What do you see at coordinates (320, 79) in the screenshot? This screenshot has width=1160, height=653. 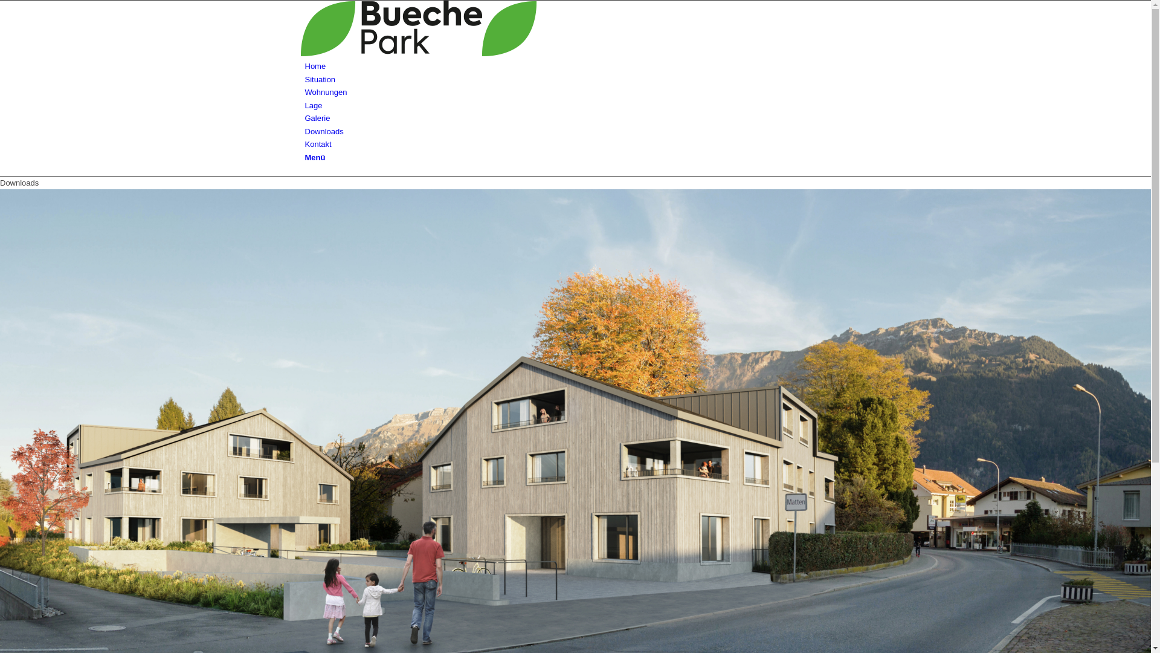 I see `'Situation'` at bounding box center [320, 79].